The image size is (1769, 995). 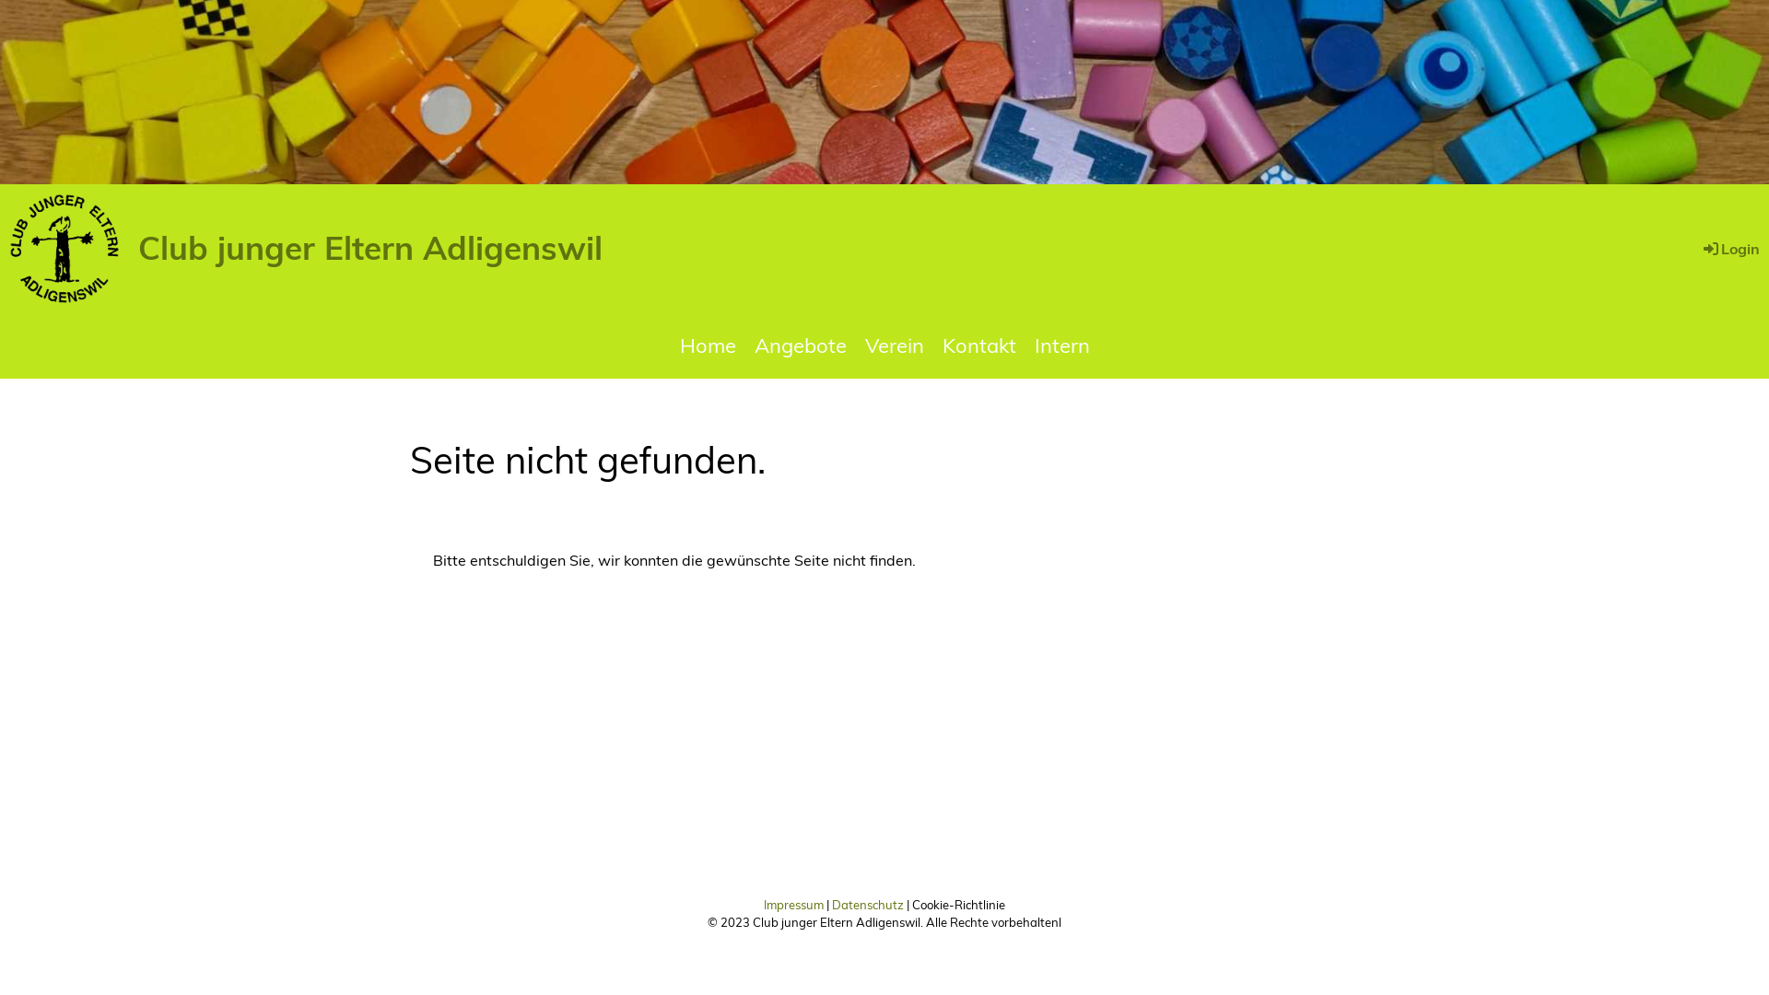 What do you see at coordinates (707, 345) in the screenshot?
I see `'Home'` at bounding box center [707, 345].